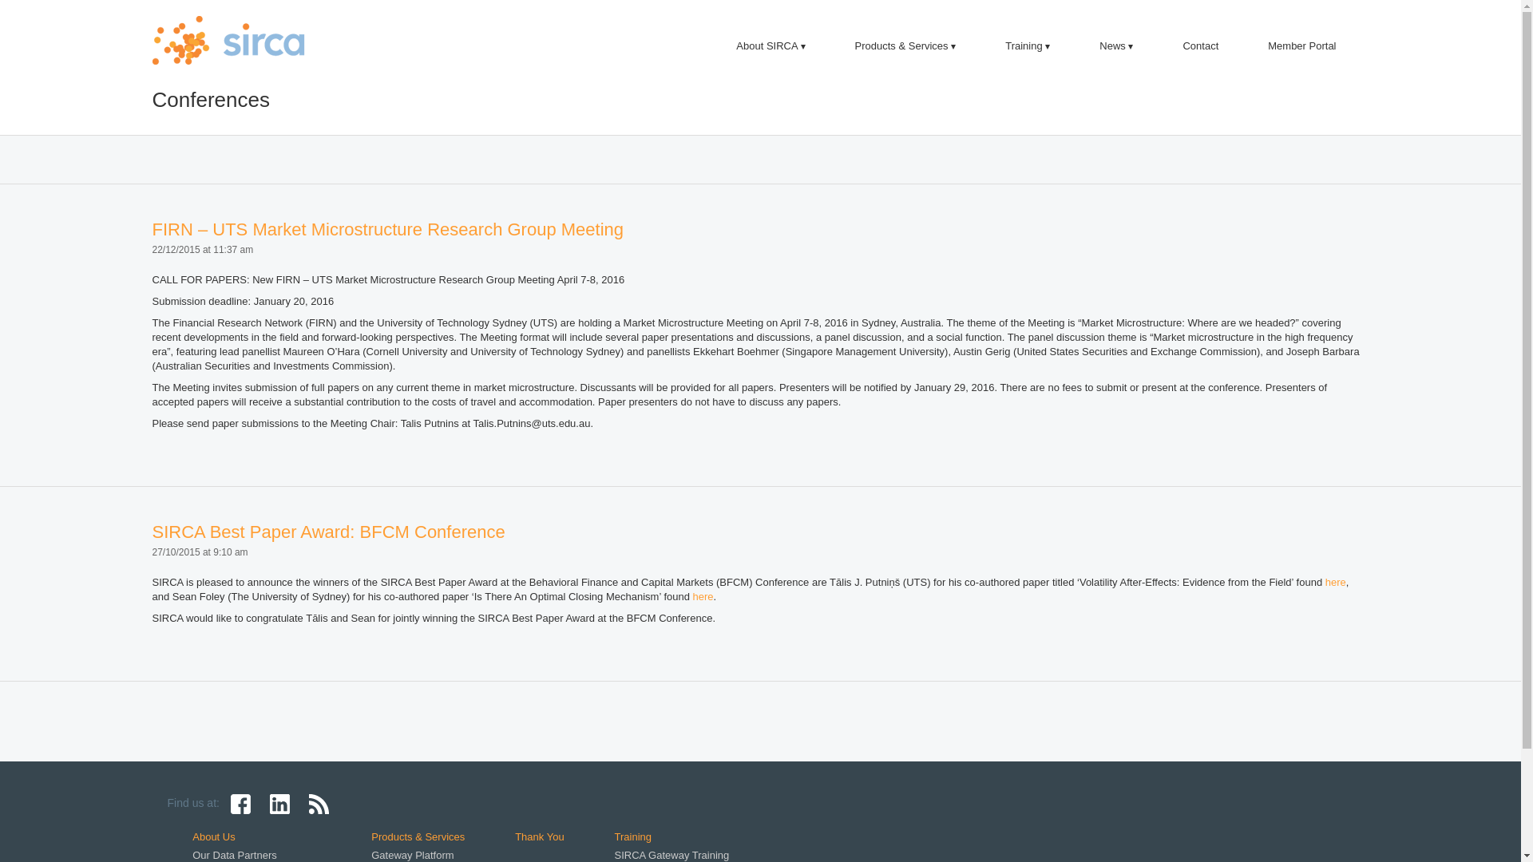 This screenshot has height=862, width=1533. I want to click on 'About SIRCA', so click(770, 45).